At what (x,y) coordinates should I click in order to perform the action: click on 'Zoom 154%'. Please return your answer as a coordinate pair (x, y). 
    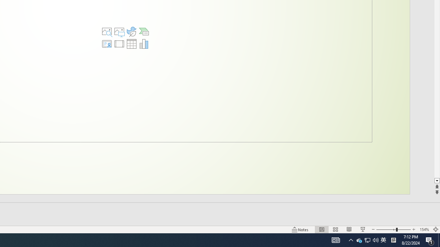
    Looking at the image, I should click on (424, 230).